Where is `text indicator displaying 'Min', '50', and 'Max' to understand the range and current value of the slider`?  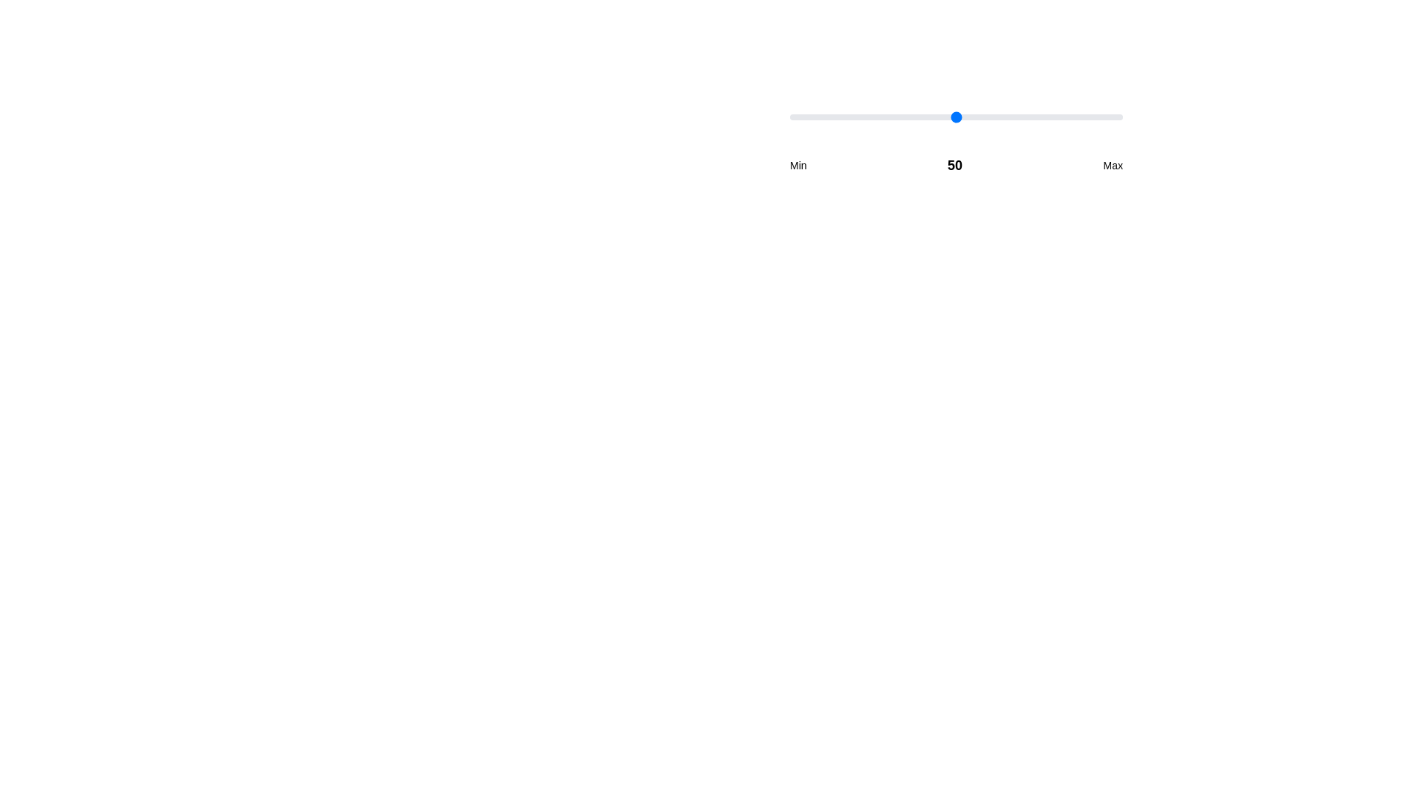 text indicator displaying 'Min', '50', and 'Max' to understand the range and current value of the slider is located at coordinates (956, 166).